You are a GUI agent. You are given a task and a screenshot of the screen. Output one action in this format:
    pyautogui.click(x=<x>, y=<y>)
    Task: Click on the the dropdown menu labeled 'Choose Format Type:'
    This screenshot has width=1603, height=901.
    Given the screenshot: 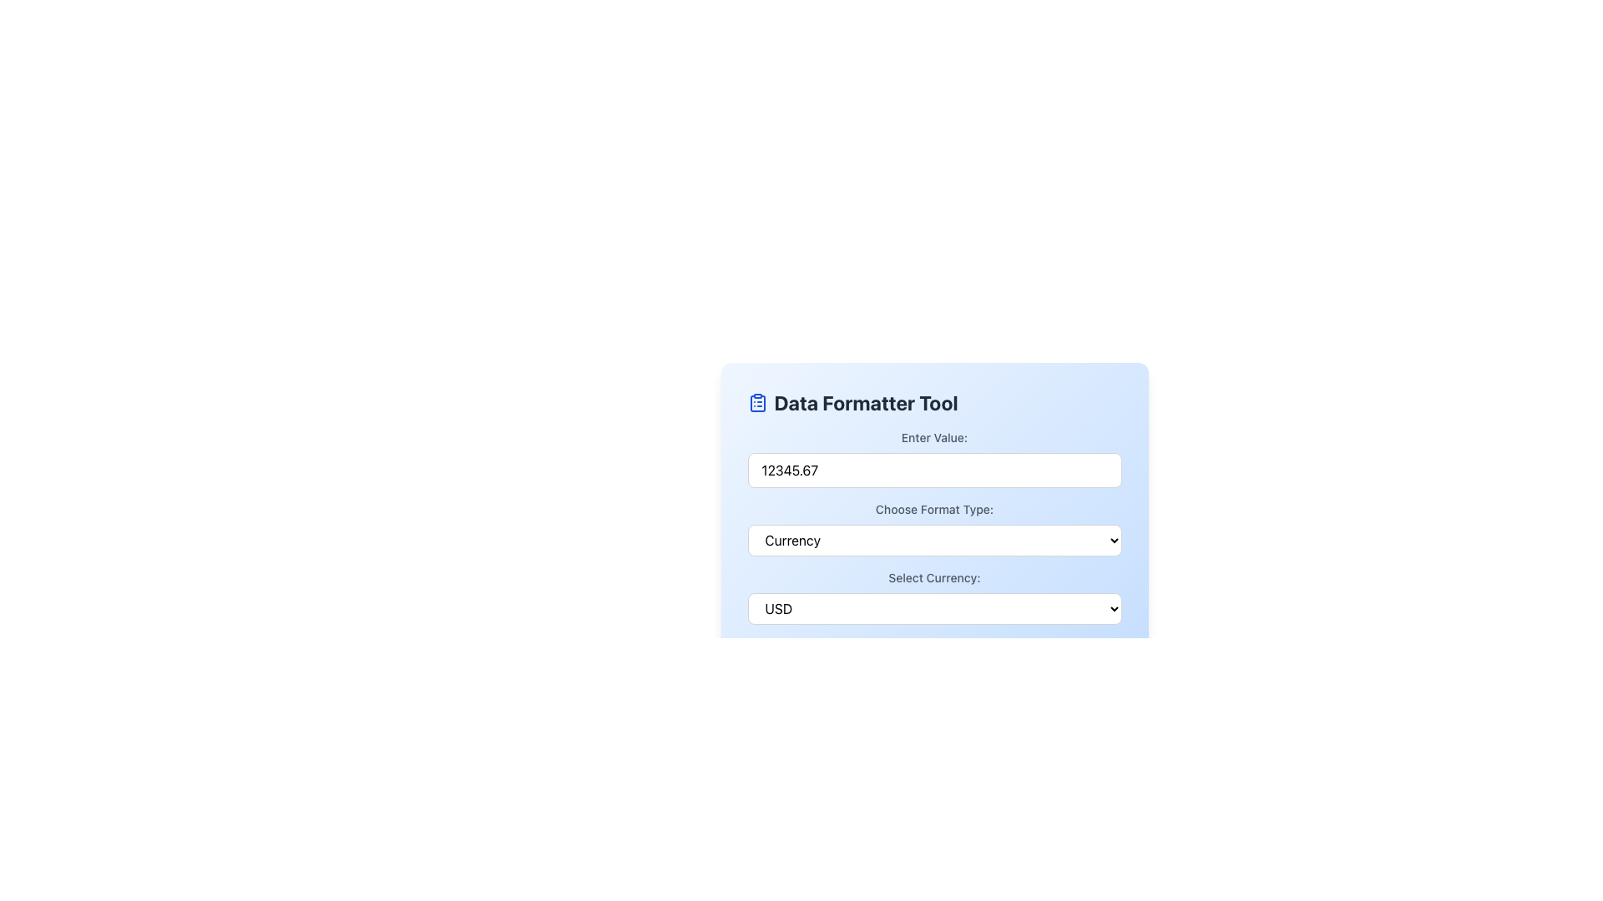 What is the action you would take?
    pyautogui.click(x=933, y=528)
    